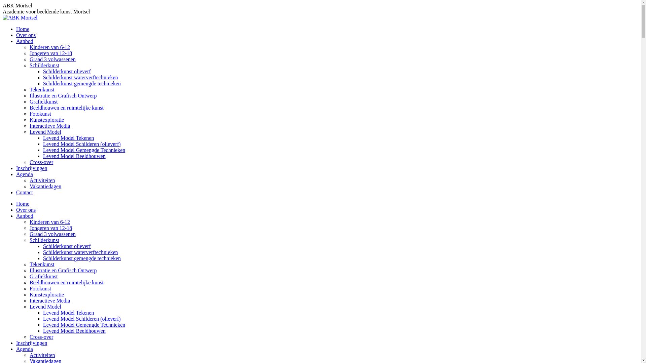 The image size is (646, 363). What do you see at coordinates (49, 222) in the screenshot?
I see `'Kinderen van 6-12'` at bounding box center [49, 222].